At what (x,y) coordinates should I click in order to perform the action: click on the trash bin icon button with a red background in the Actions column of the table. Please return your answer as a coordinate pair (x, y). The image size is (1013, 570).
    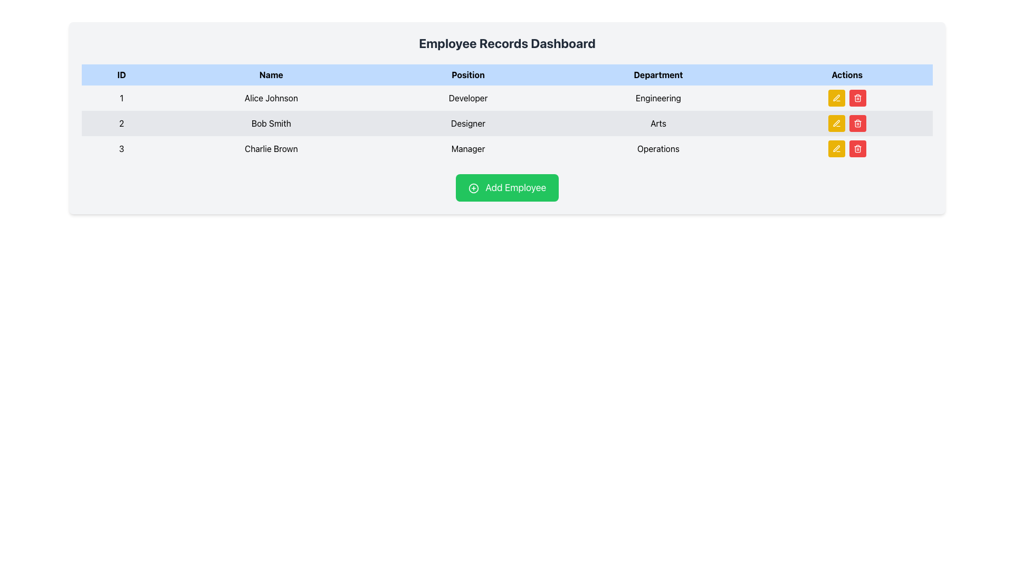
    Looking at the image, I should click on (857, 98).